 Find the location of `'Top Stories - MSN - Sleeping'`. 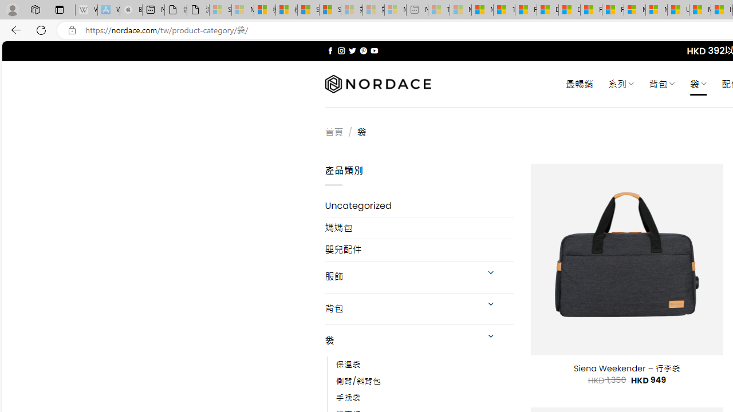

'Top Stories - MSN - Sleeping' is located at coordinates (438, 10).